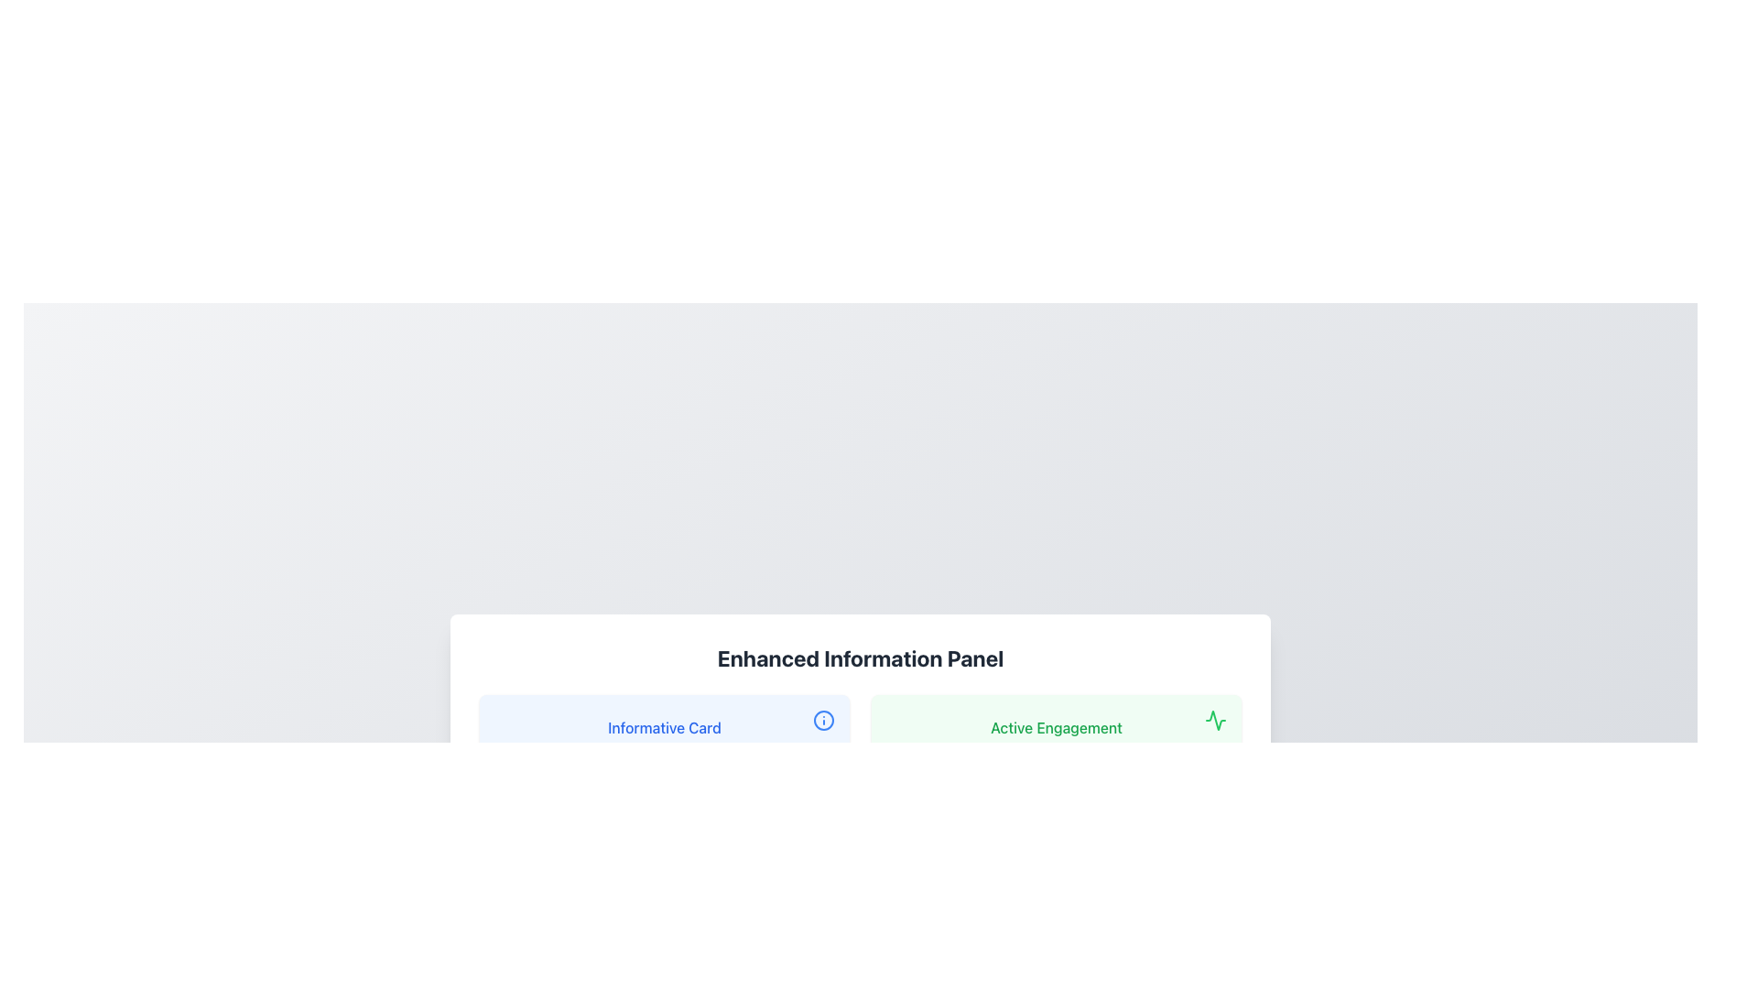  What do you see at coordinates (1216, 719) in the screenshot?
I see `the icon located at the top-right corner of the 'Active Engagement' card, which visually indicates activity or engagement` at bounding box center [1216, 719].